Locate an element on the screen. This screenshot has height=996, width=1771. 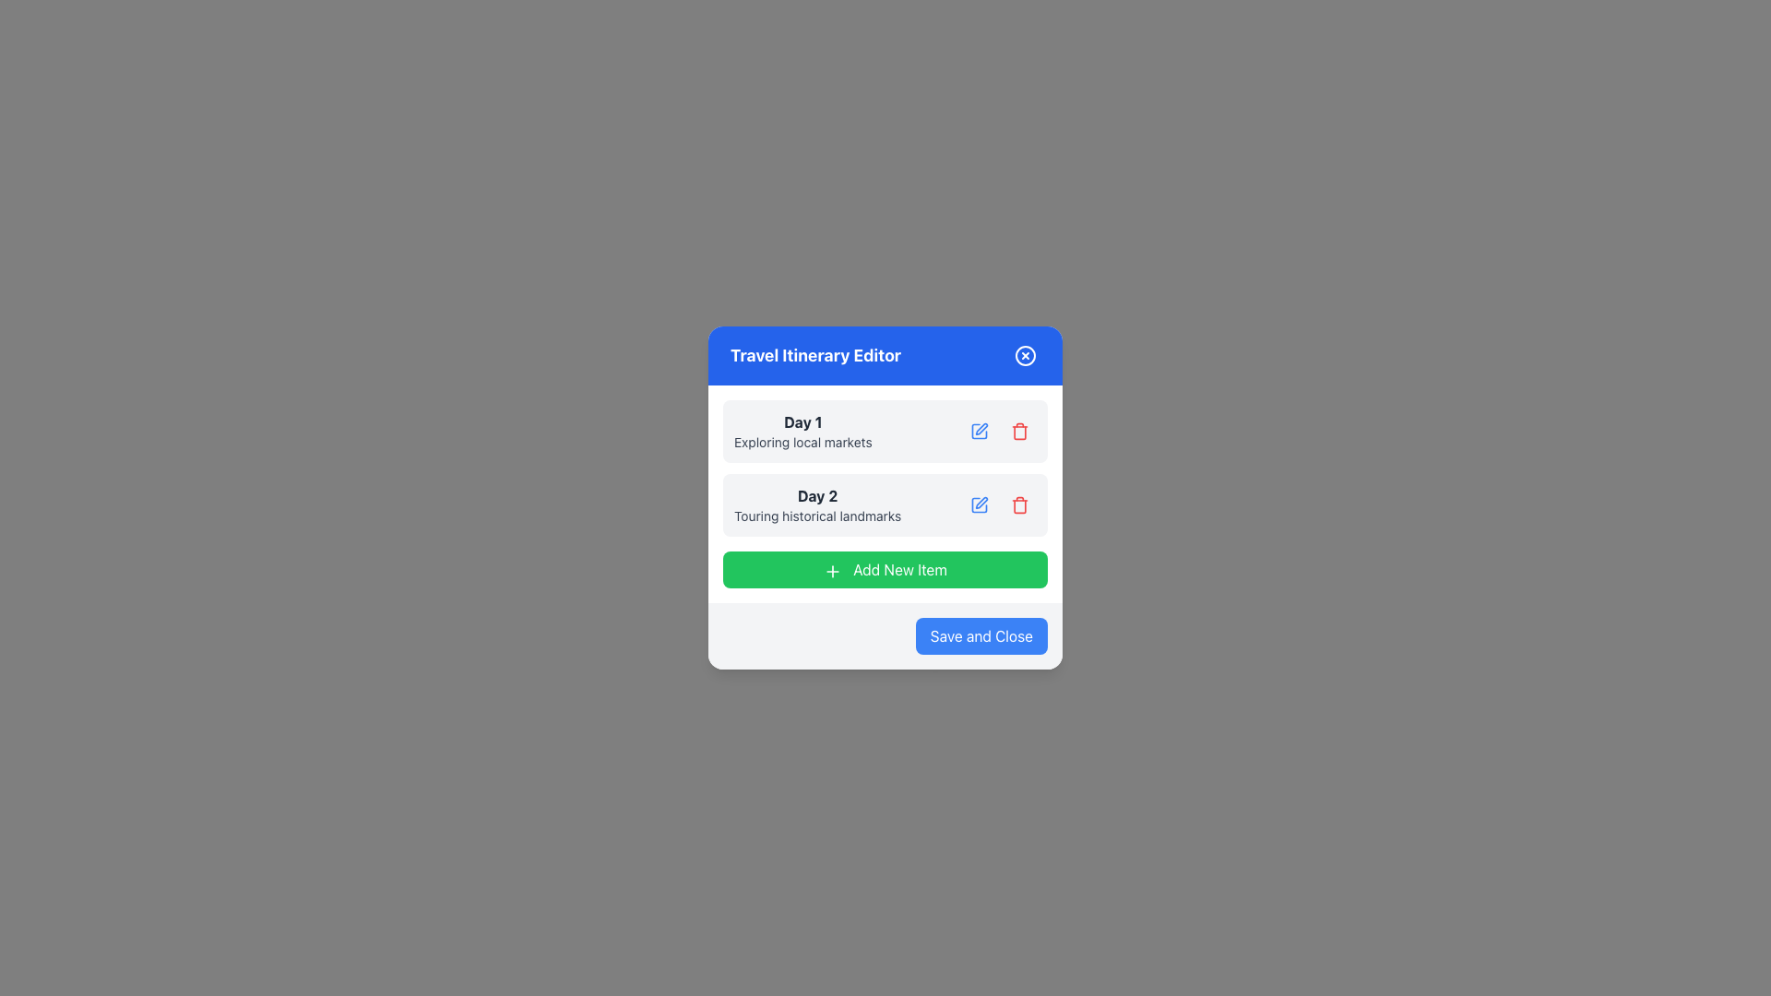
the close button, which is a circular icon with a white border and 'X' shape inside, located in the top-right corner of the 'Travel Itinerary Editor' modal window is located at coordinates (1025, 355).